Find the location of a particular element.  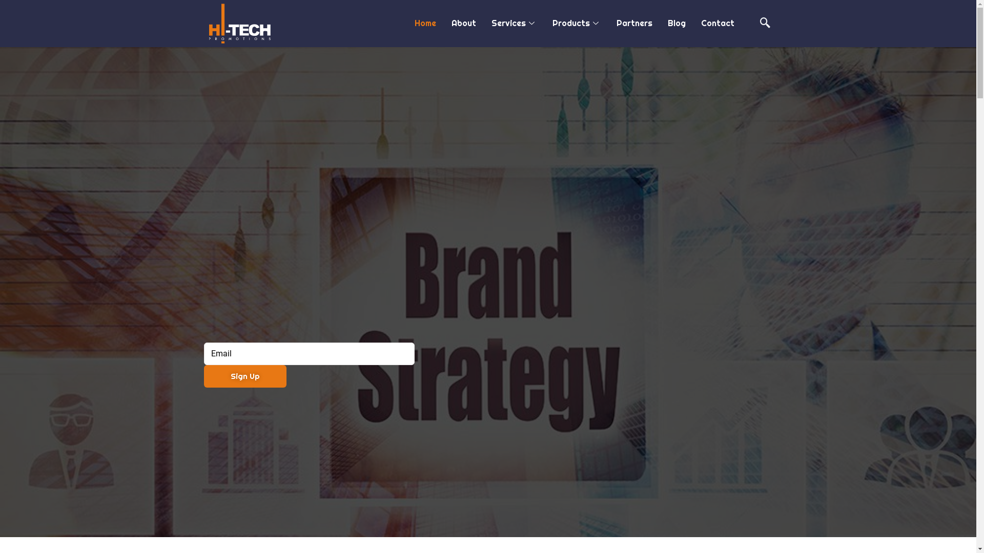

'Home' is located at coordinates (425, 23).